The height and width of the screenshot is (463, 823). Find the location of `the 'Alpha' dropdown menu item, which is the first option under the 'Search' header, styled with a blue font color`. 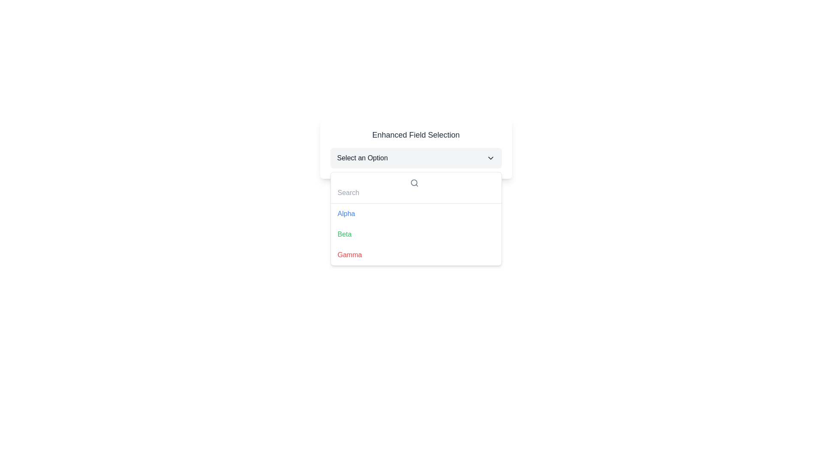

the 'Alpha' dropdown menu item, which is the first option under the 'Search' header, styled with a blue font color is located at coordinates (346, 213).